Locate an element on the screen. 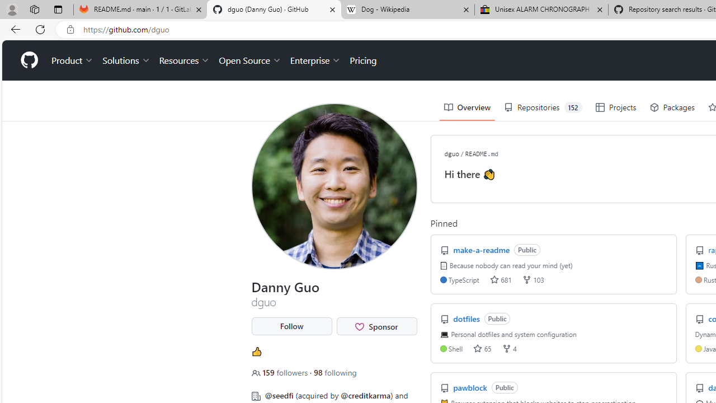 The width and height of the screenshot is (716, 403). 'Packages' is located at coordinates (671, 107).